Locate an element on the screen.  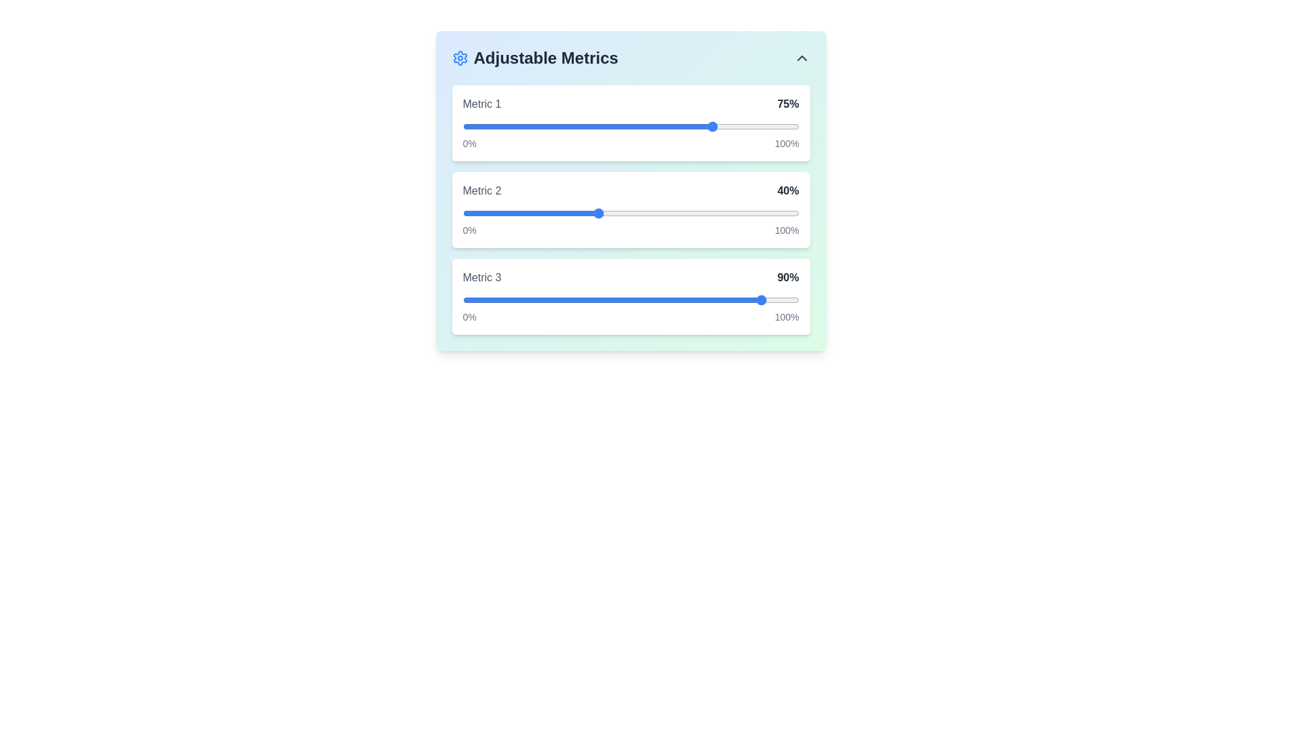
the horizontal slider of 'Metric 2' is located at coordinates (630, 213).